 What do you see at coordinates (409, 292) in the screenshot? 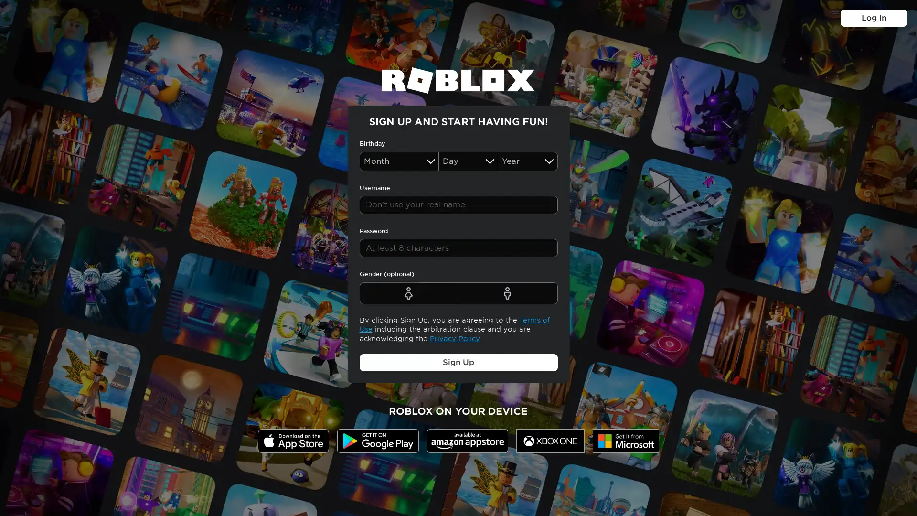
I see `Female` at bounding box center [409, 292].